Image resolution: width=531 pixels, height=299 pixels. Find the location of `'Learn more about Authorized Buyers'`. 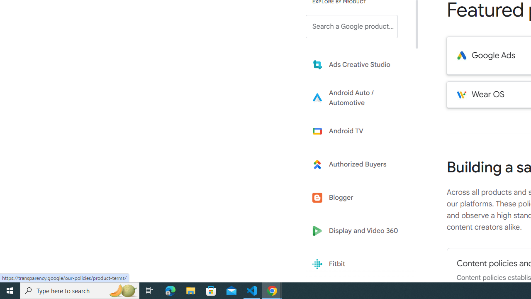

'Learn more about Authorized Buyers' is located at coordinates (358, 164).